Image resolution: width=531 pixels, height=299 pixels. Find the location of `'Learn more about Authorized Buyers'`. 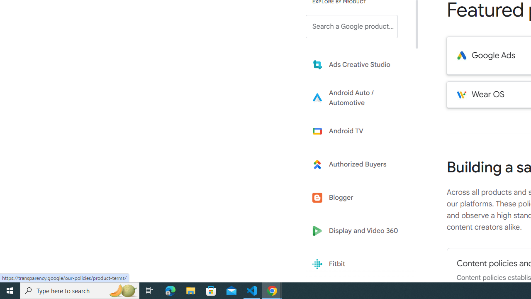

'Learn more about Authorized Buyers' is located at coordinates (358, 164).